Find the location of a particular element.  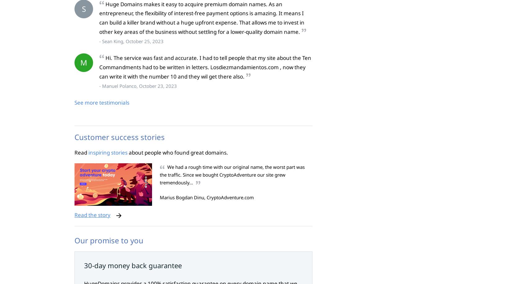

'S' is located at coordinates (83, 8).